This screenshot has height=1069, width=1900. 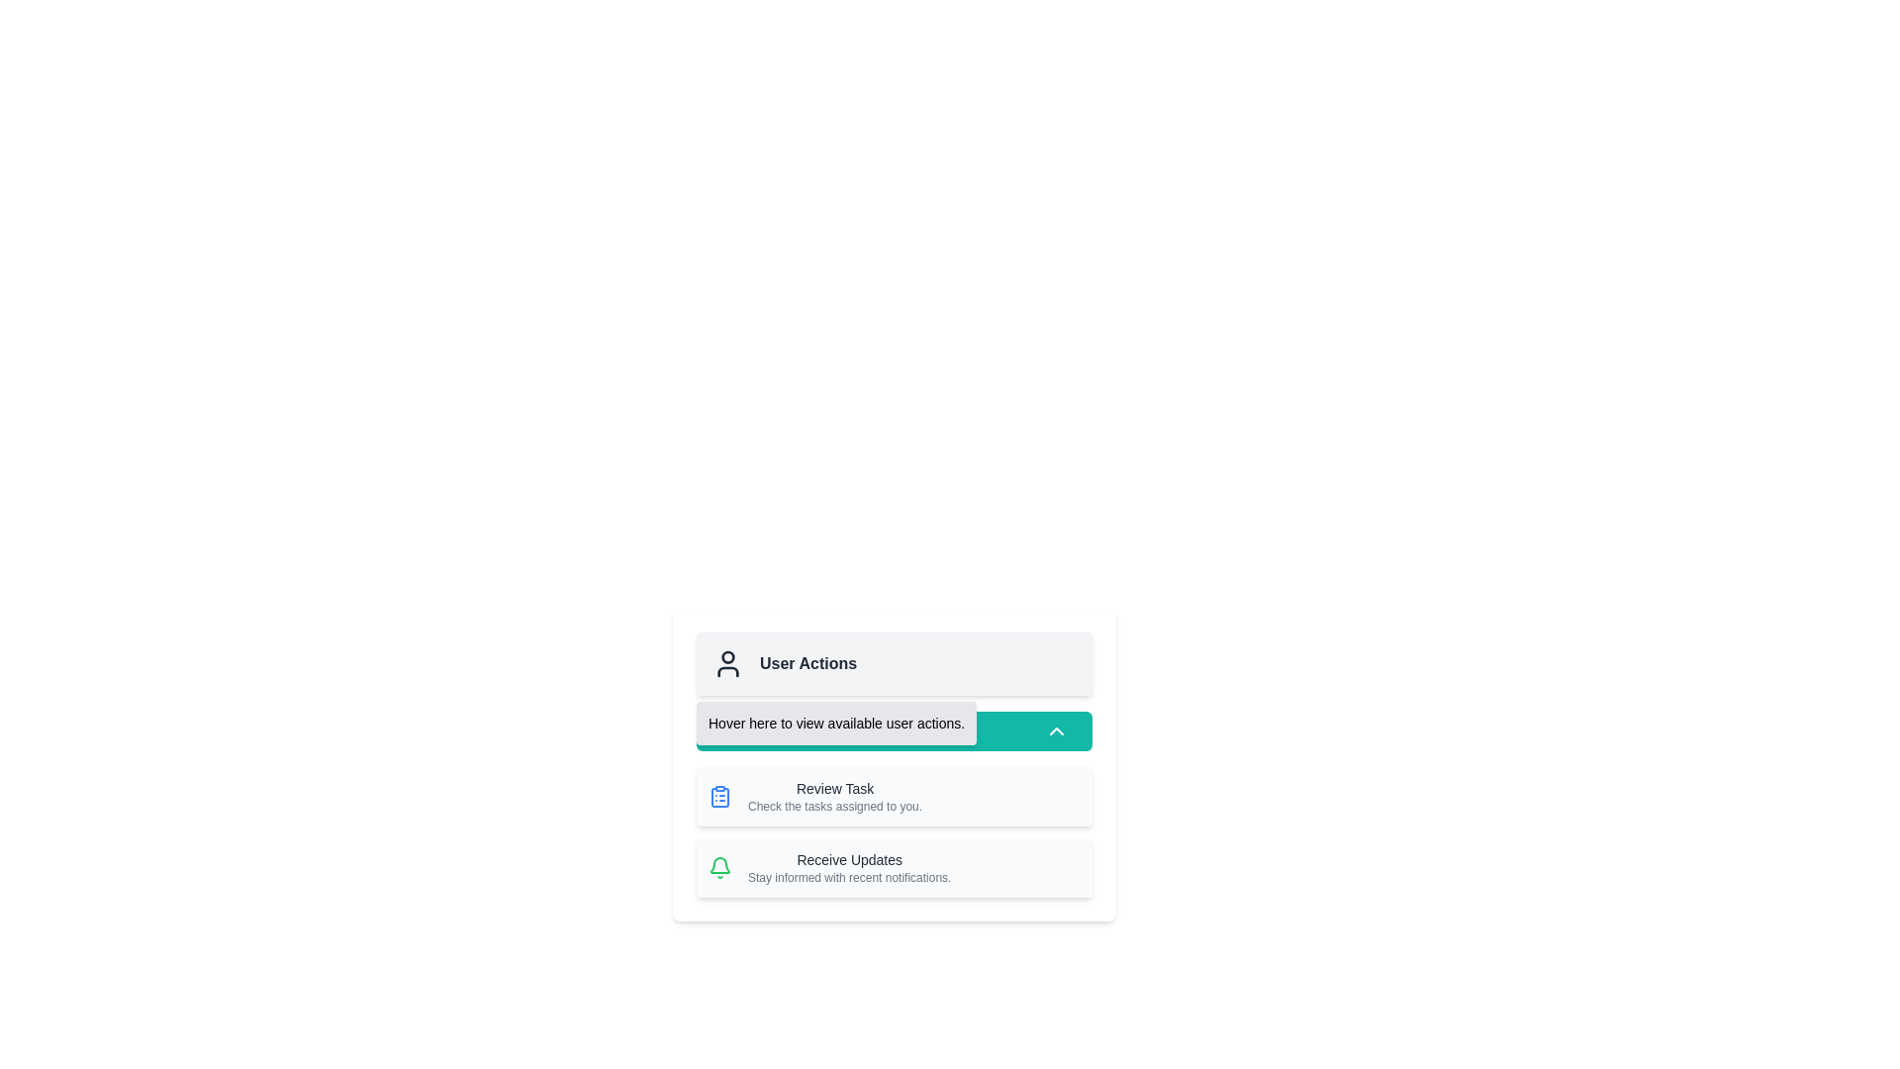 What do you see at coordinates (849, 858) in the screenshot?
I see `the Text Label located in the bottom section of the 'User Actions' menu, which serves as a heading indicating the purpose of the associated information or action` at bounding box center [849, 858].